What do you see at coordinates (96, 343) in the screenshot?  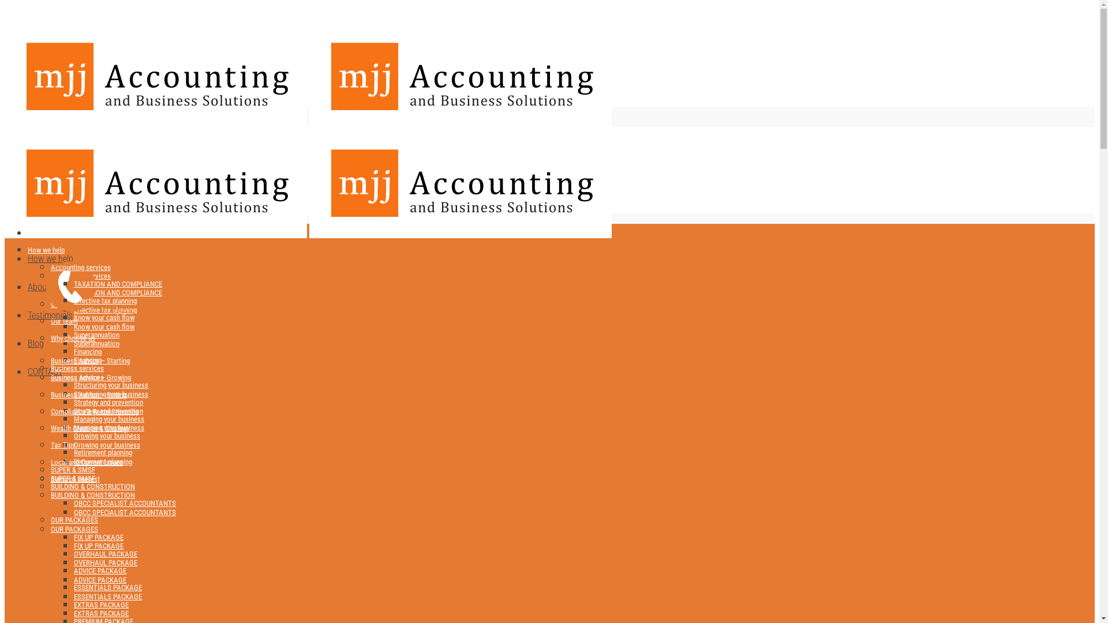 I see `'Superannuation'` at bounding box center [96, 343].